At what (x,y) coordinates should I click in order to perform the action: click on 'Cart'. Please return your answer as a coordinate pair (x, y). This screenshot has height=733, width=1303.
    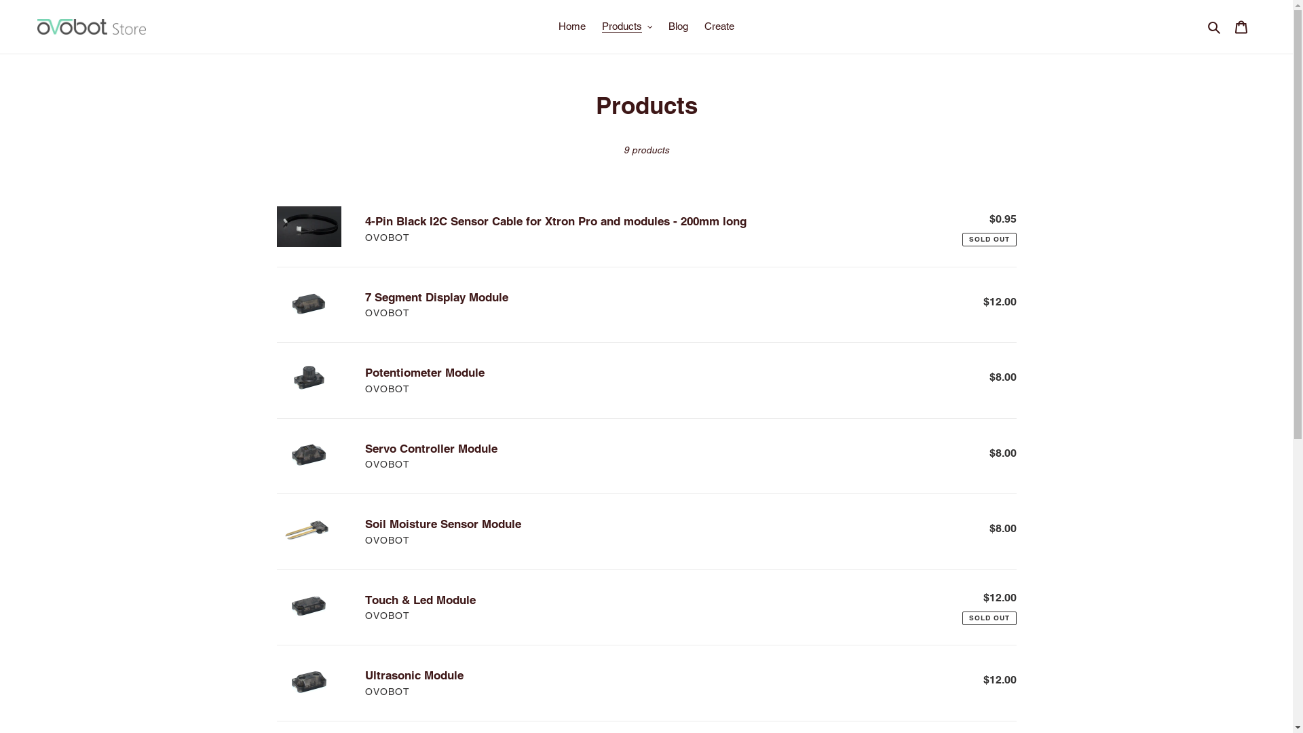
    Looking at the image, I should click on (1241, 26).